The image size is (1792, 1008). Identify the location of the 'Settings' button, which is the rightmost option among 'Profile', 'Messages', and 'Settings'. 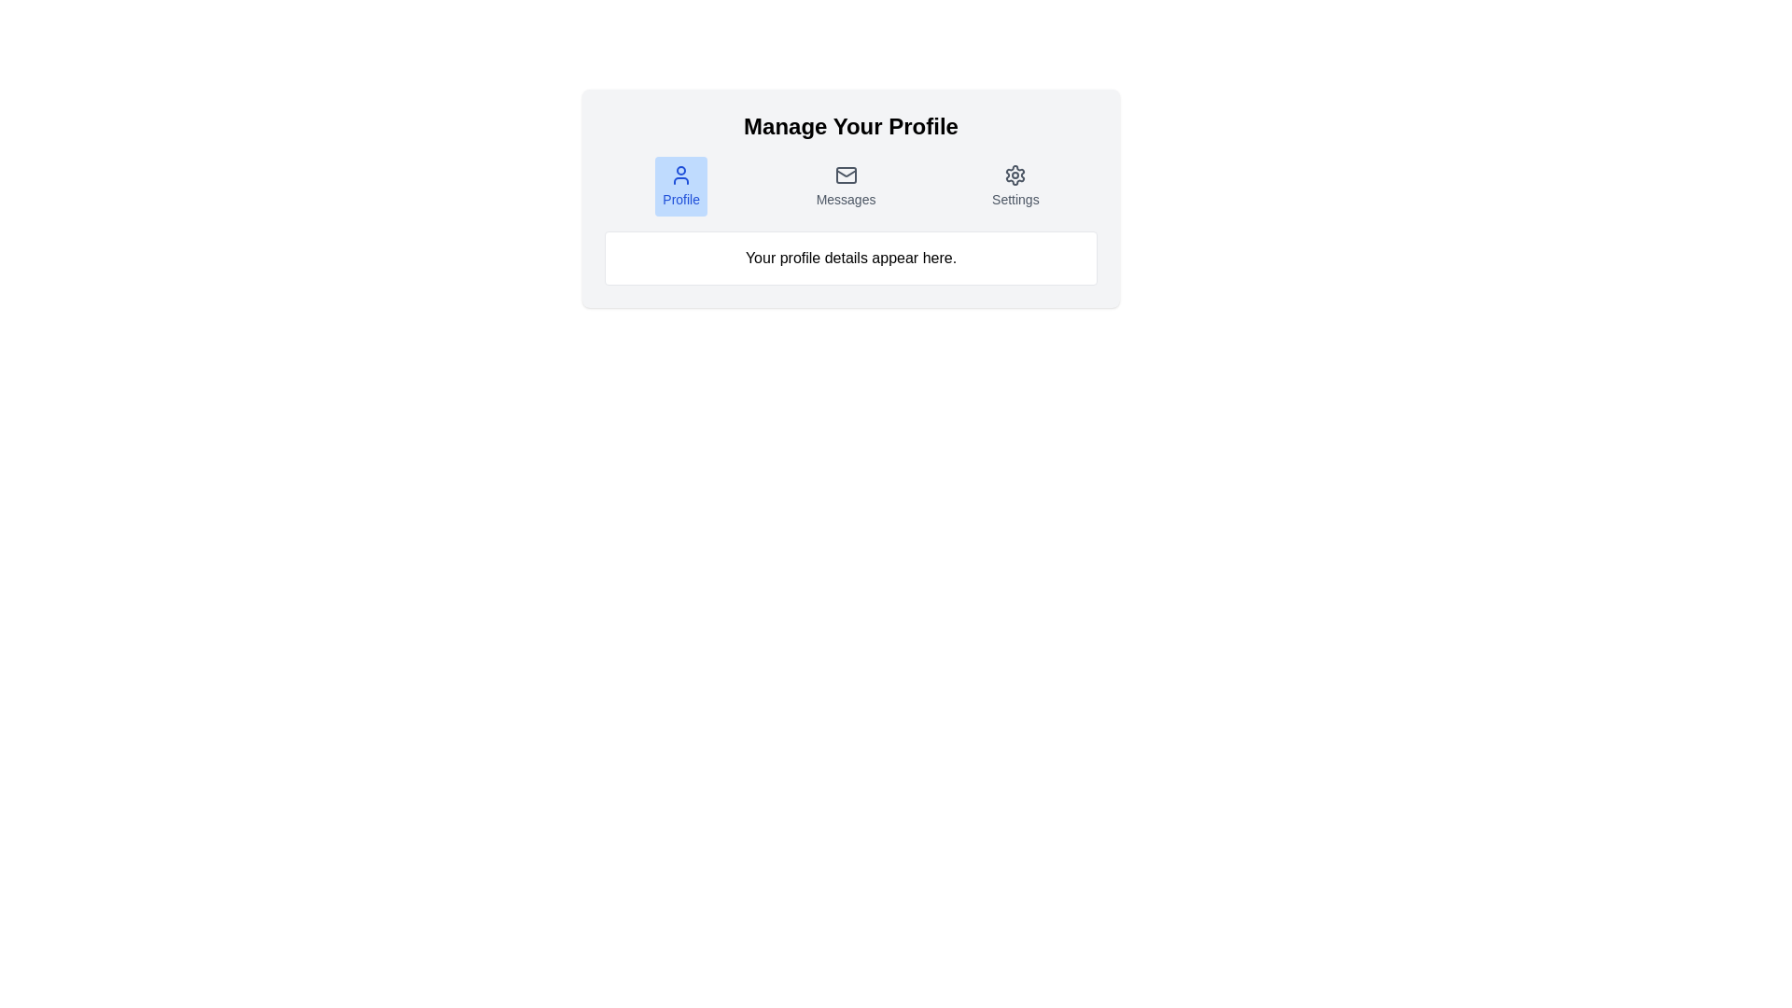
(1015, 187).